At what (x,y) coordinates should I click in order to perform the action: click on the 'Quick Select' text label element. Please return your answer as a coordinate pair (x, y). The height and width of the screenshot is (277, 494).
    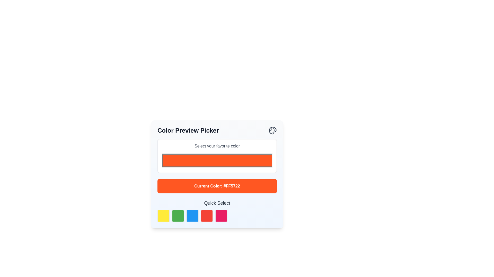
    Looking at the image, I should click on (217, 211).